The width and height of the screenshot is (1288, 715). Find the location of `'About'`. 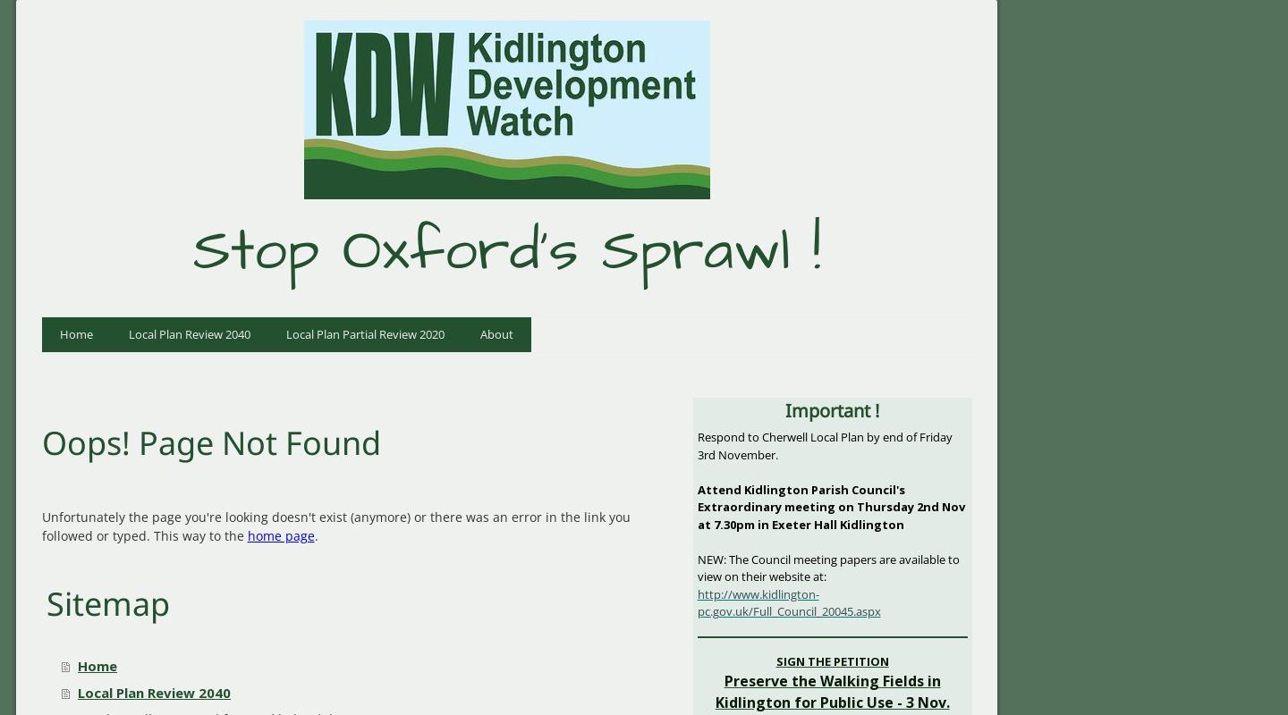

'About' is located at coordinates (496, 332).